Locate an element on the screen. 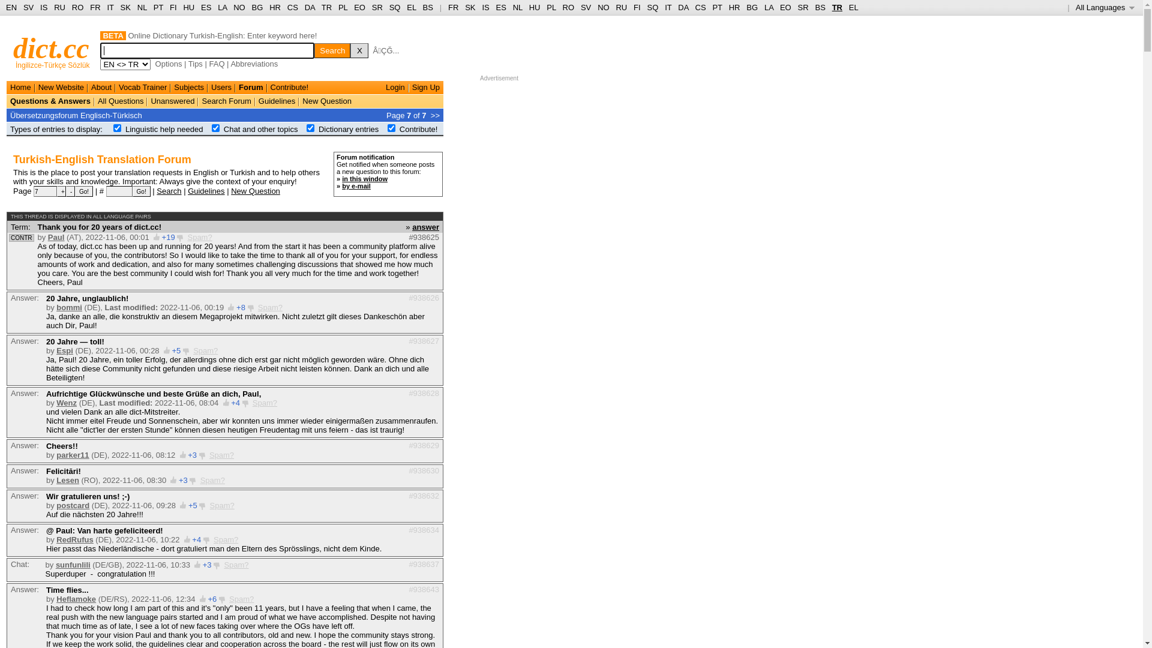 The image size is (1152, 648). '#938630' is located at coordinates (424, 469).